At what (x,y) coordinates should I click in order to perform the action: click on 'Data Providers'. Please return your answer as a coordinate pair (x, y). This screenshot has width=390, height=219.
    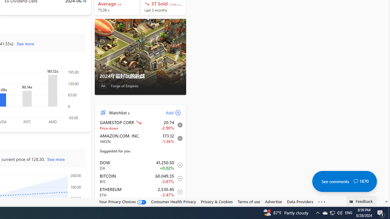
    Looking at the image, I should click on (300, 202).